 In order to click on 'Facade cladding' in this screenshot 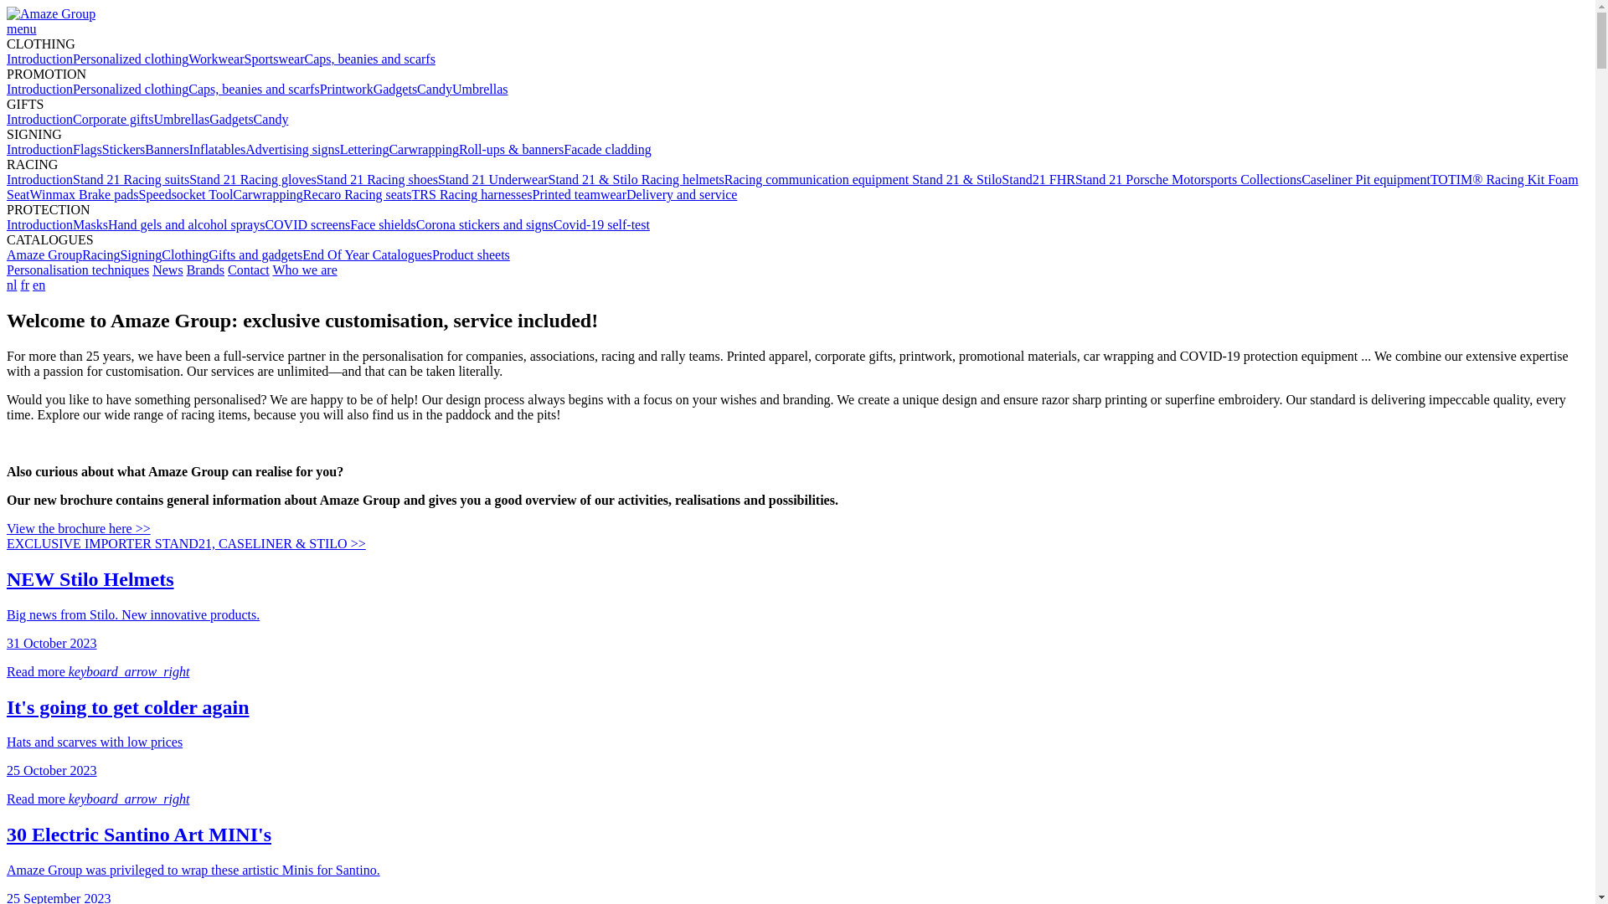, I will do `click(606, 148)`.